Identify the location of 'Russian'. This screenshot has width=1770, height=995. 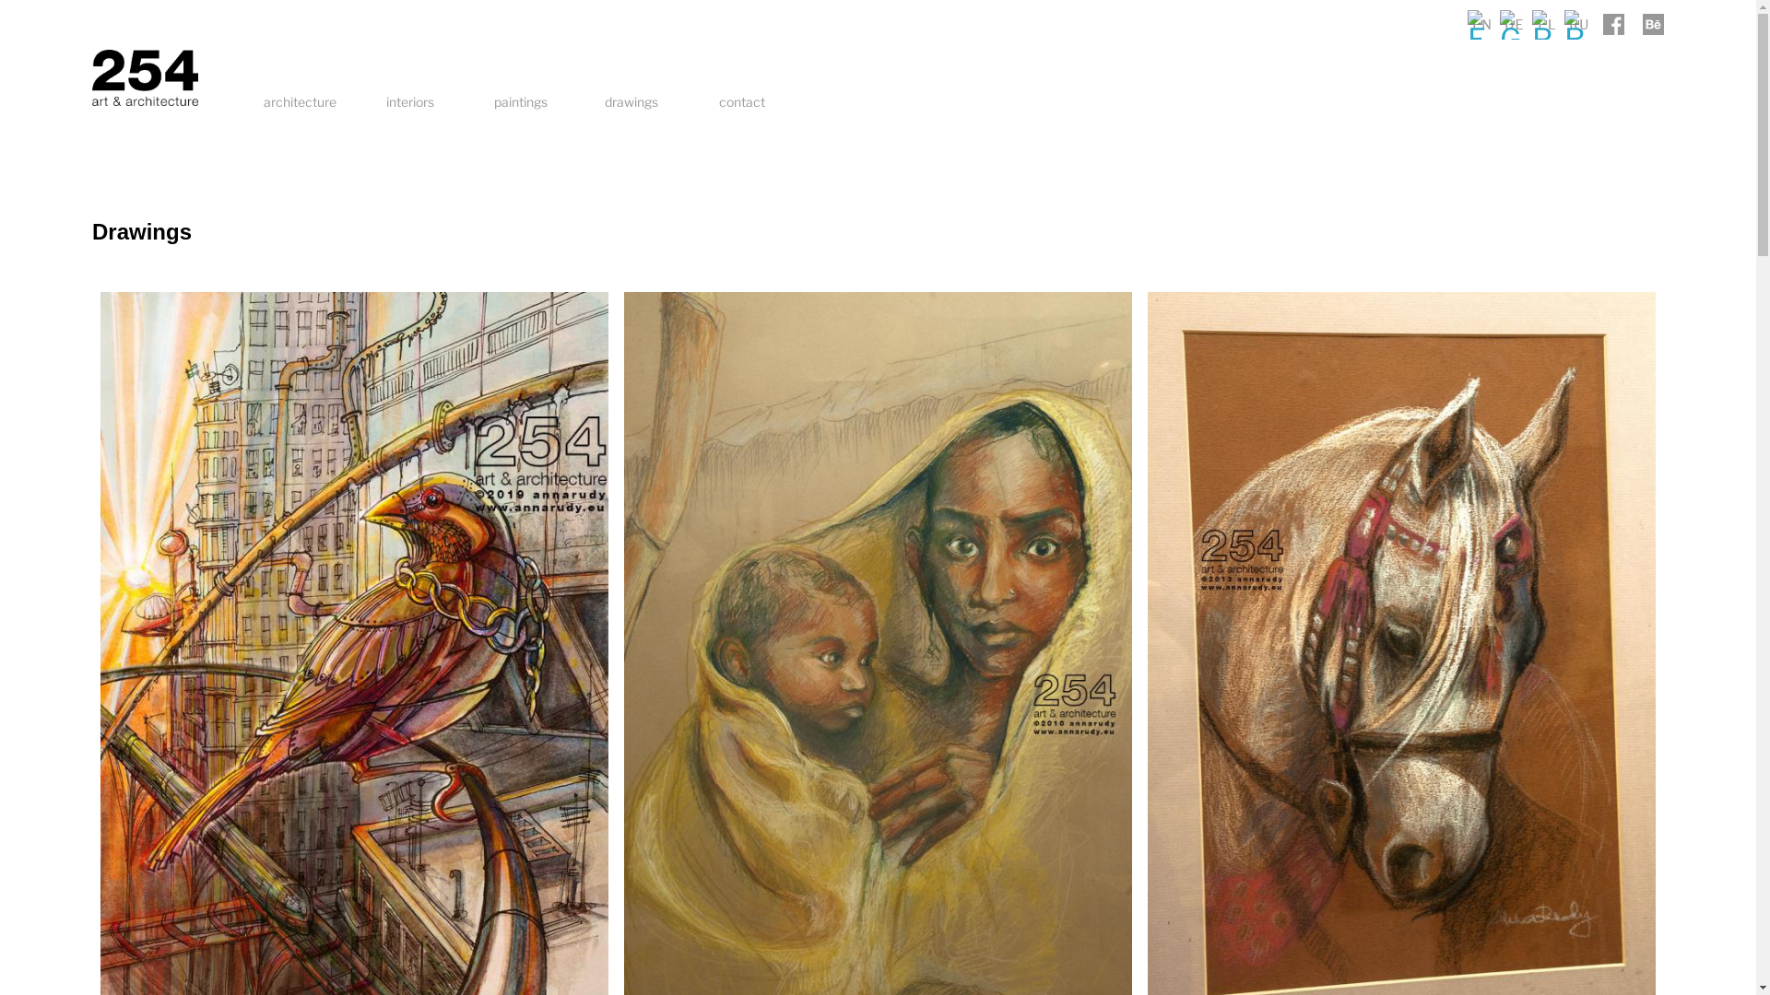
(1563, 24).